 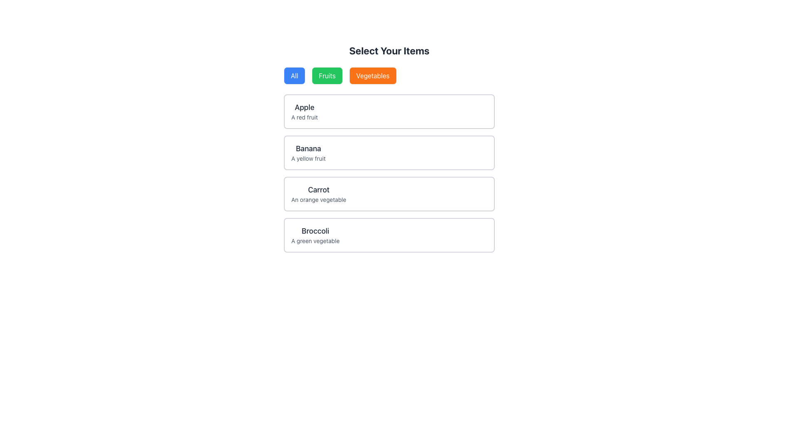 What do you see at coordinates (295, 76) in the screenshot?
I see `the blue button labeled 'All'` at bounding box center [295, 76].